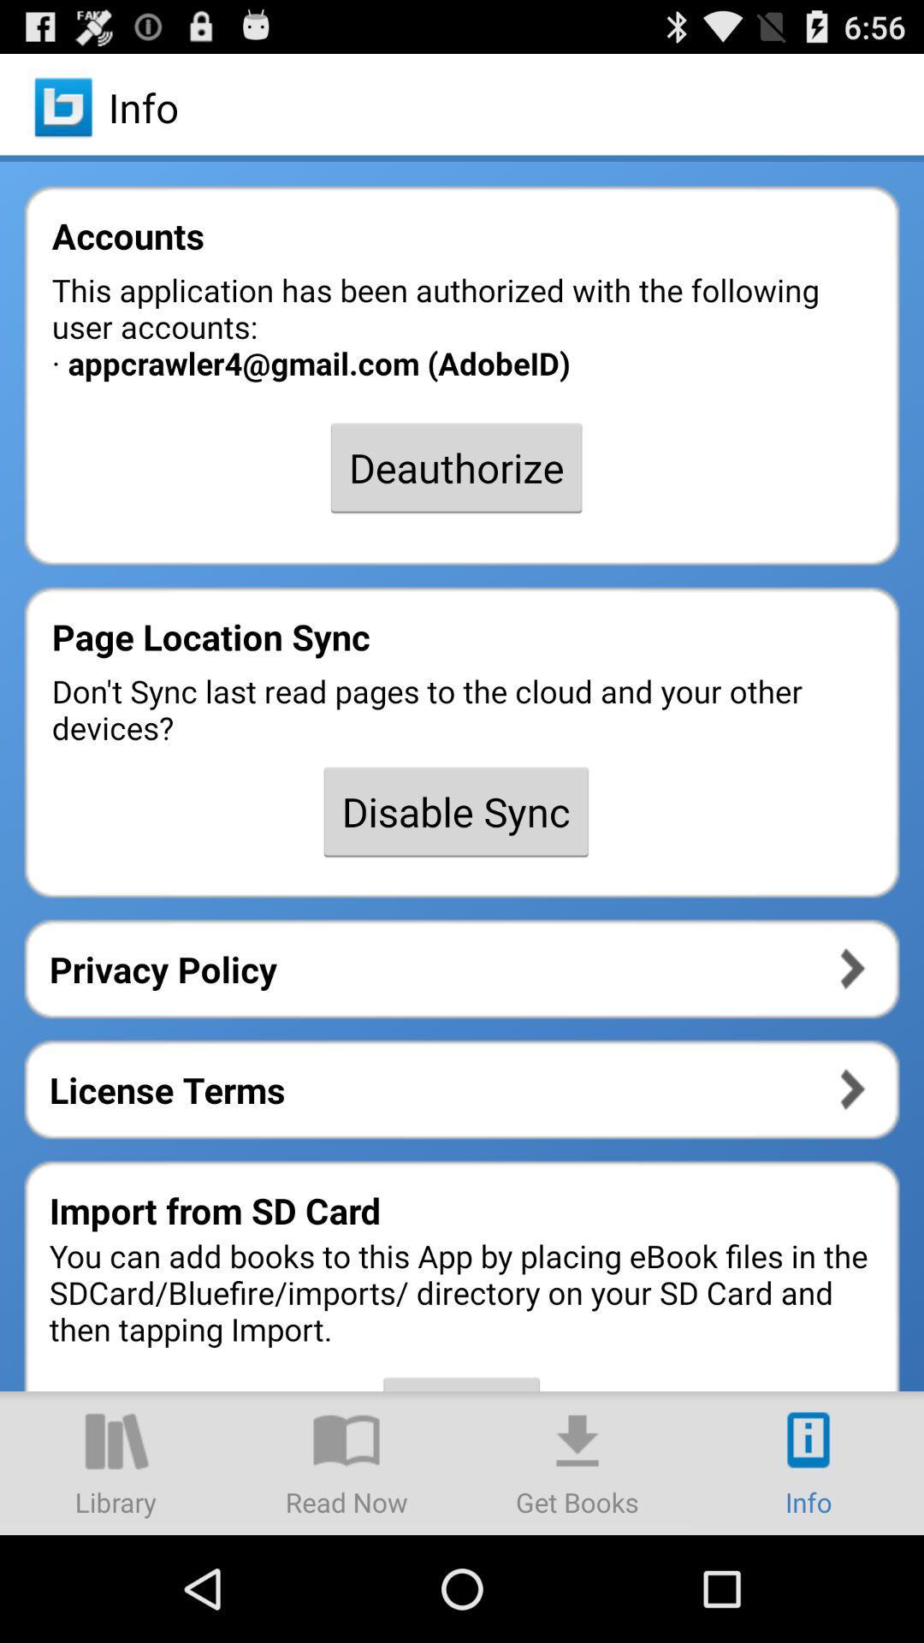 This screenshot has height=1643, width=924. What do you see at coordinates (455, 810) in the screenshot?
I see `item below don t sync app` at bounding box center [455, 810].